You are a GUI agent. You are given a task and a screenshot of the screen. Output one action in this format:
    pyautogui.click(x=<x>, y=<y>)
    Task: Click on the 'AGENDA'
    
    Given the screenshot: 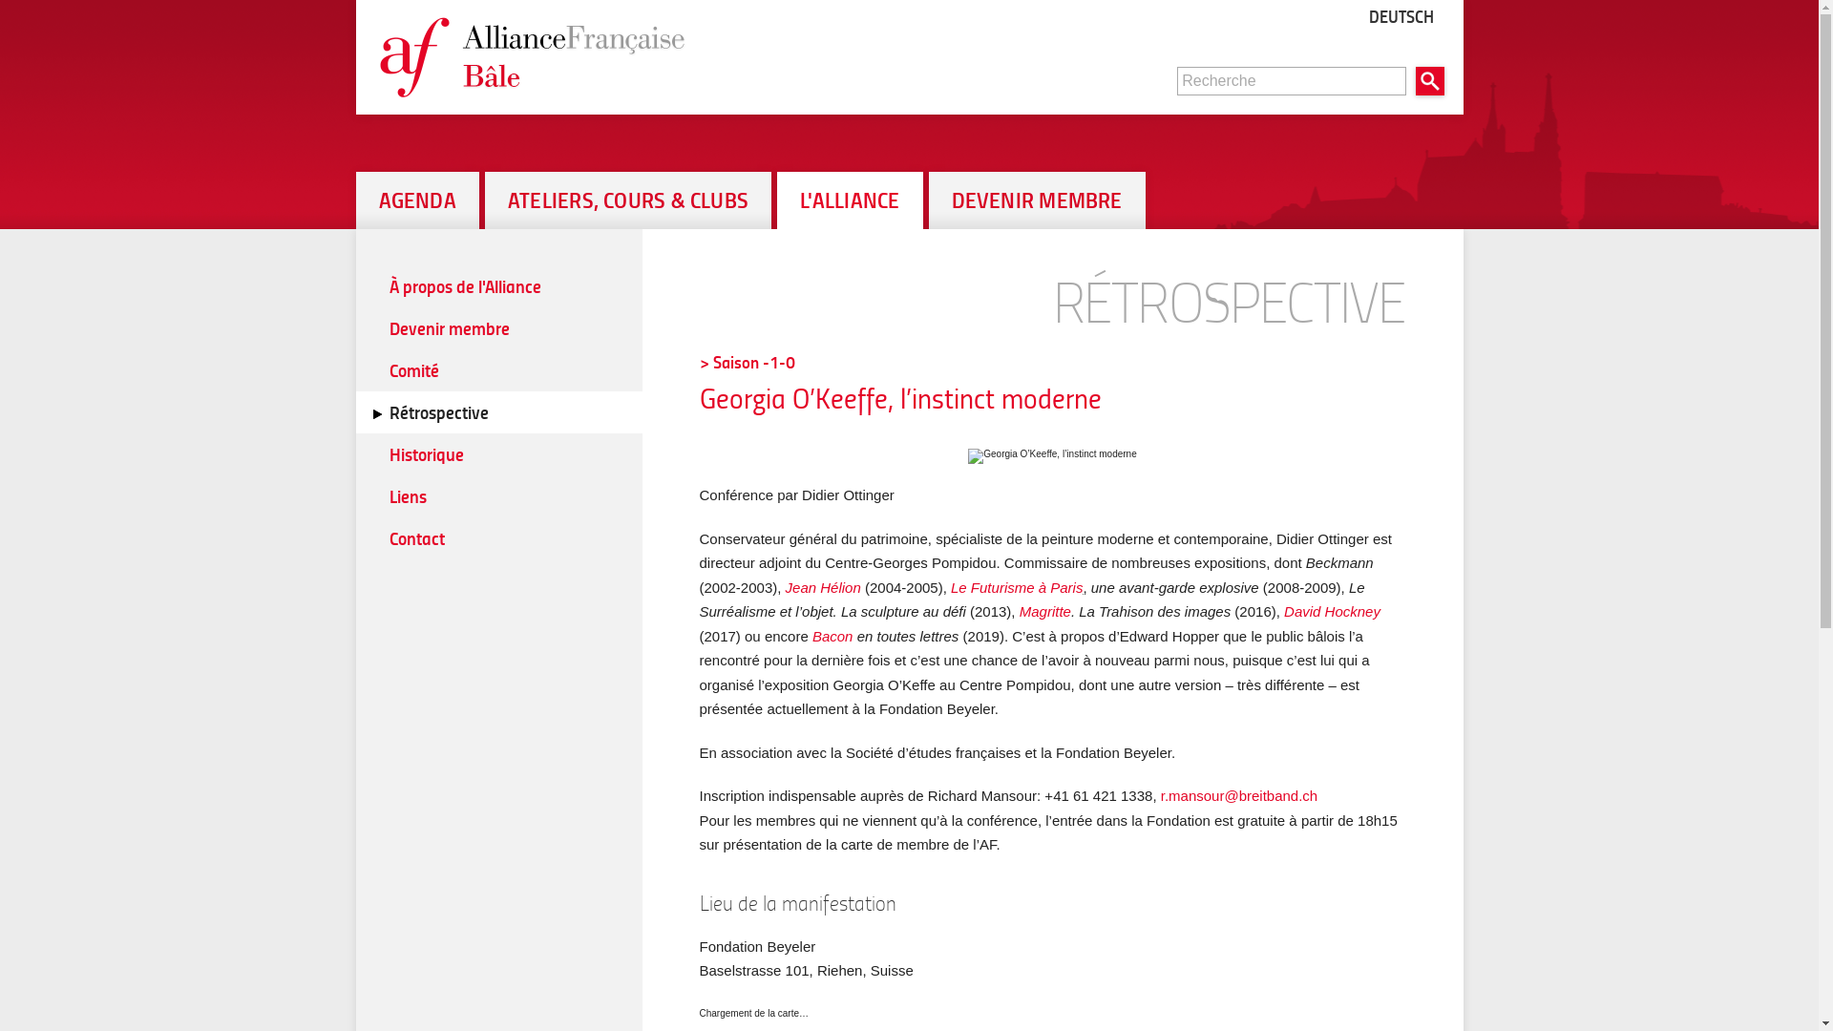 What is the action you would take?
    pyautogui.click(x=415, y=200)
    